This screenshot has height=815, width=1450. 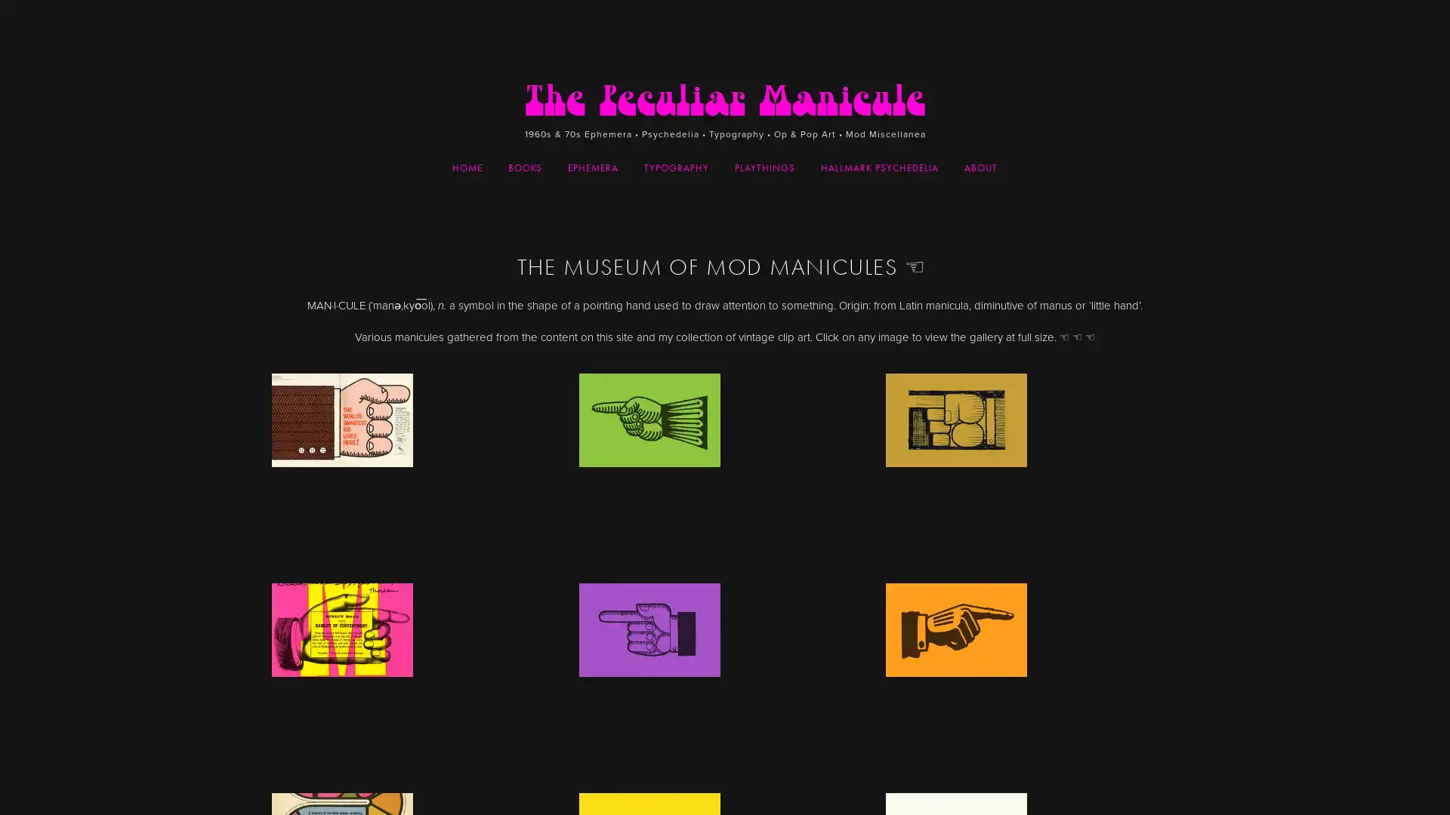 I want to click on View fullsize manuiclue-clip-5.jpg, so click(x=1031, y=680).